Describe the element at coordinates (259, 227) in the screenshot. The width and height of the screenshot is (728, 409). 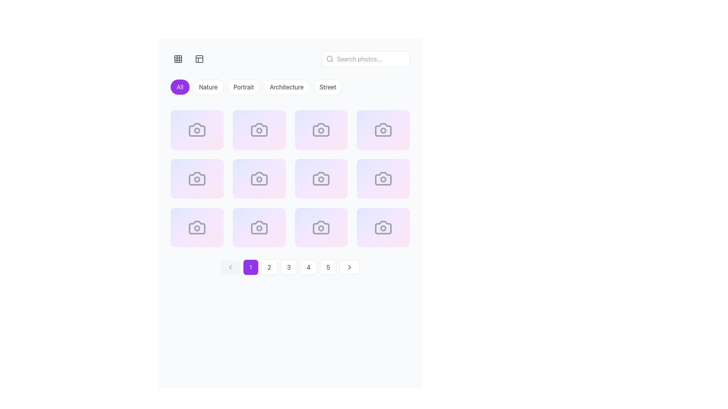
I see `the centrally positioned gray outline camera icon with a circular lens design` at that location.